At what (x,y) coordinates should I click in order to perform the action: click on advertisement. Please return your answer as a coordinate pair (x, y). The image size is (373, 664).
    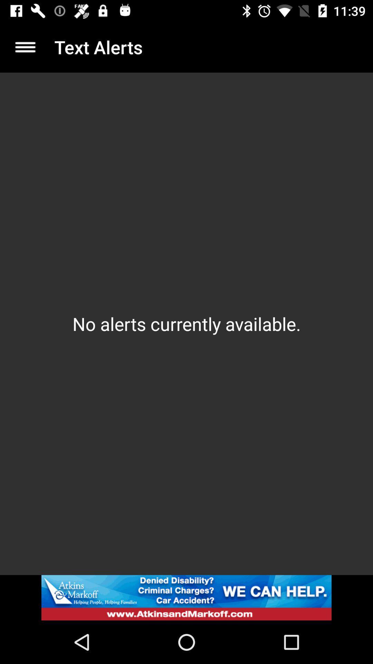
    Looking at the image, I should click on (186, 597).